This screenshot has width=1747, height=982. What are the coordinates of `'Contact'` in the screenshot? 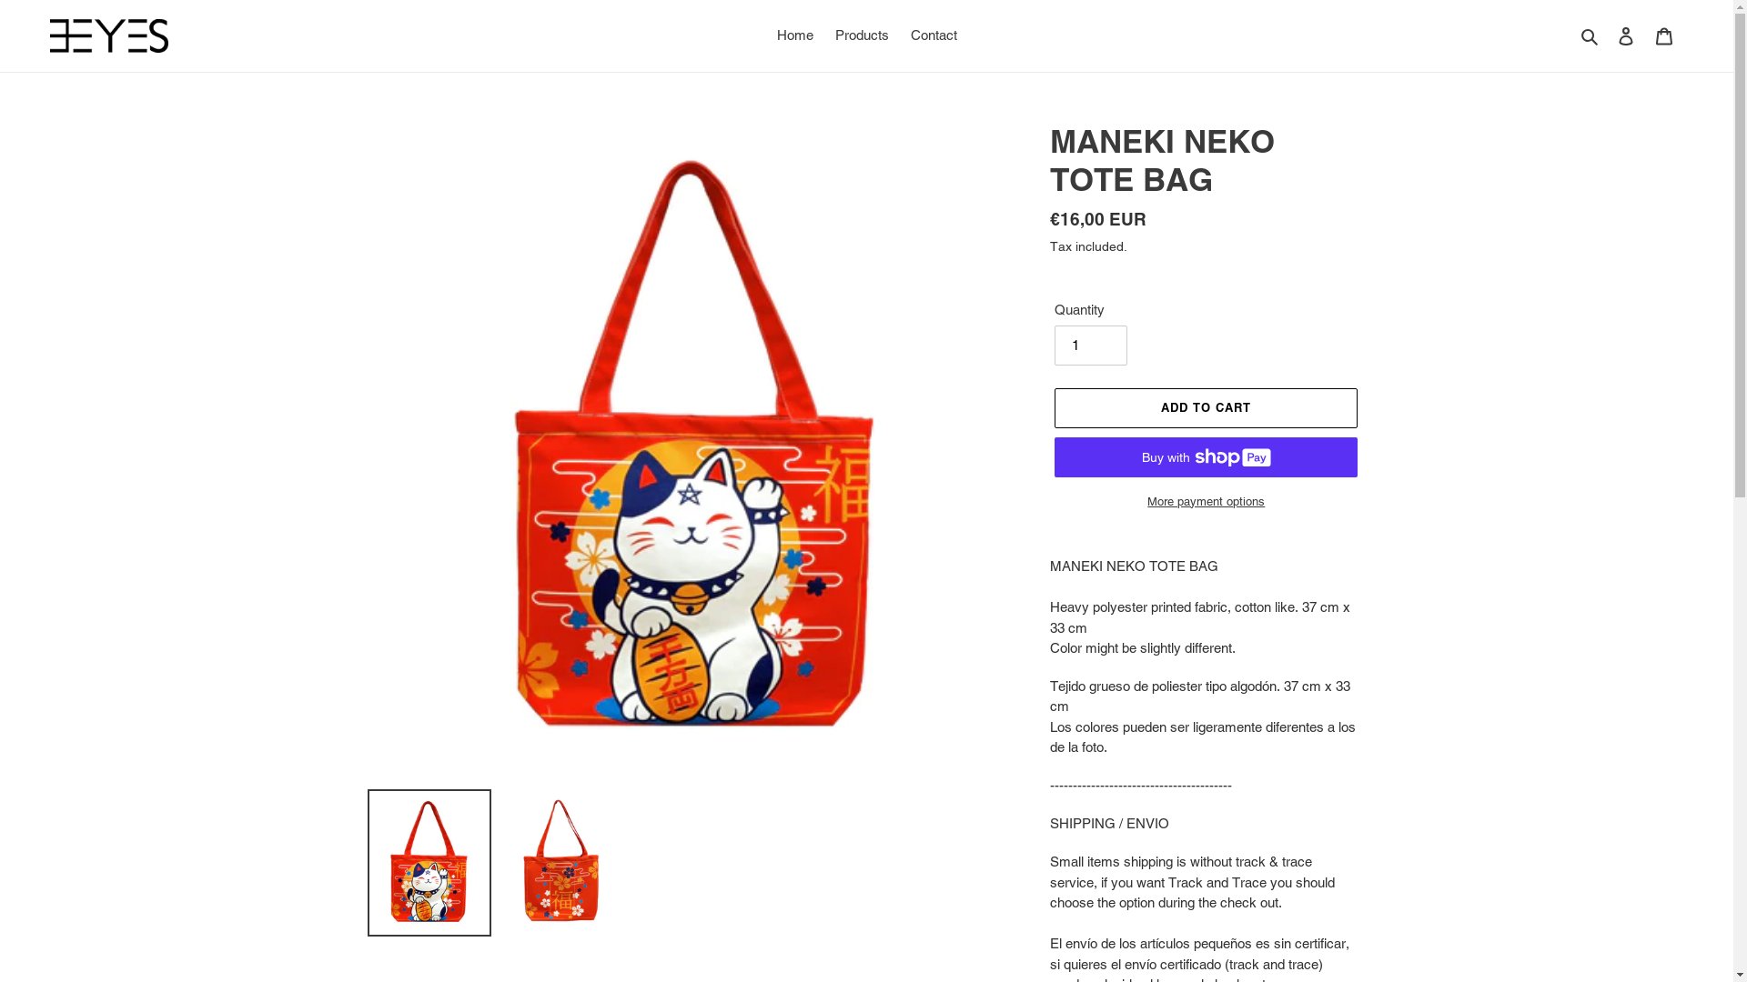 It's located at (933, 35).